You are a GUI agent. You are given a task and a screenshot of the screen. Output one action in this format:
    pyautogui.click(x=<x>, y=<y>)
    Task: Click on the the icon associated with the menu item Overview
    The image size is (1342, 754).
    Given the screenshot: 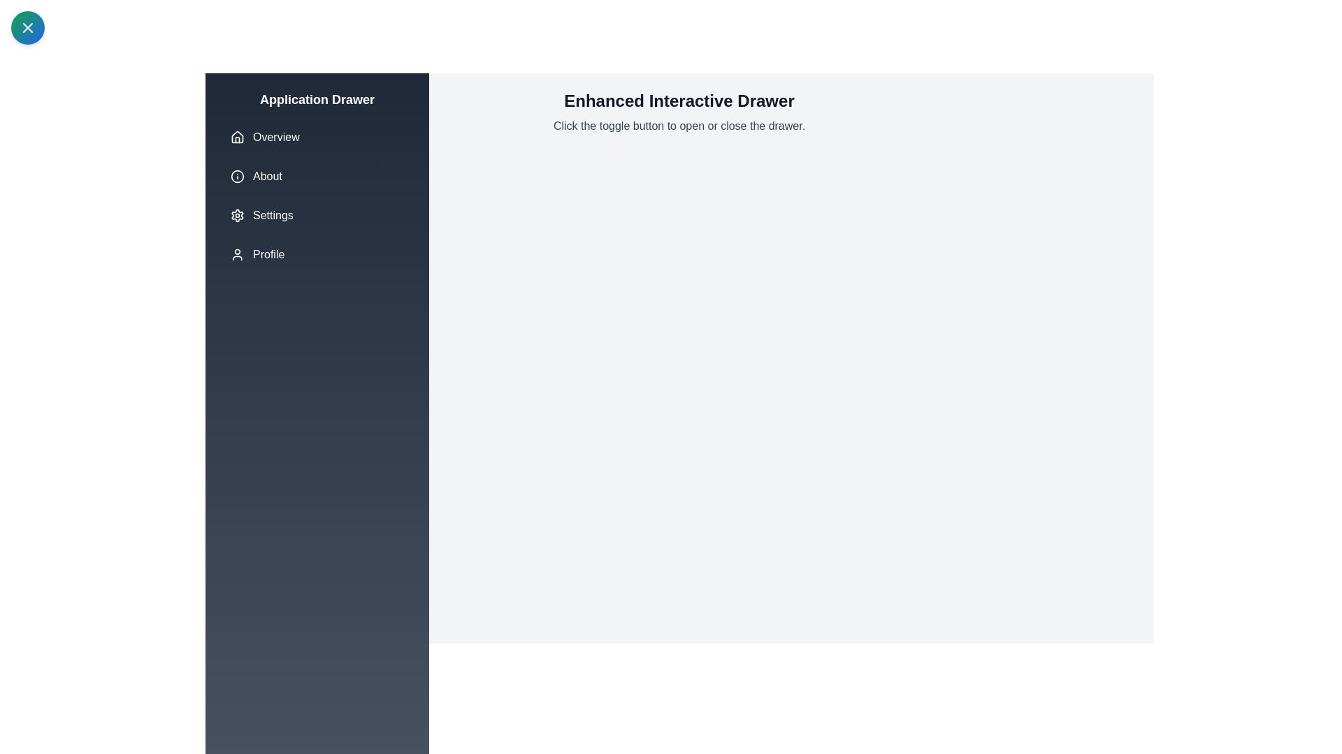 What is the action you would take?
    pyautogui.click(x=238, y=137)
    